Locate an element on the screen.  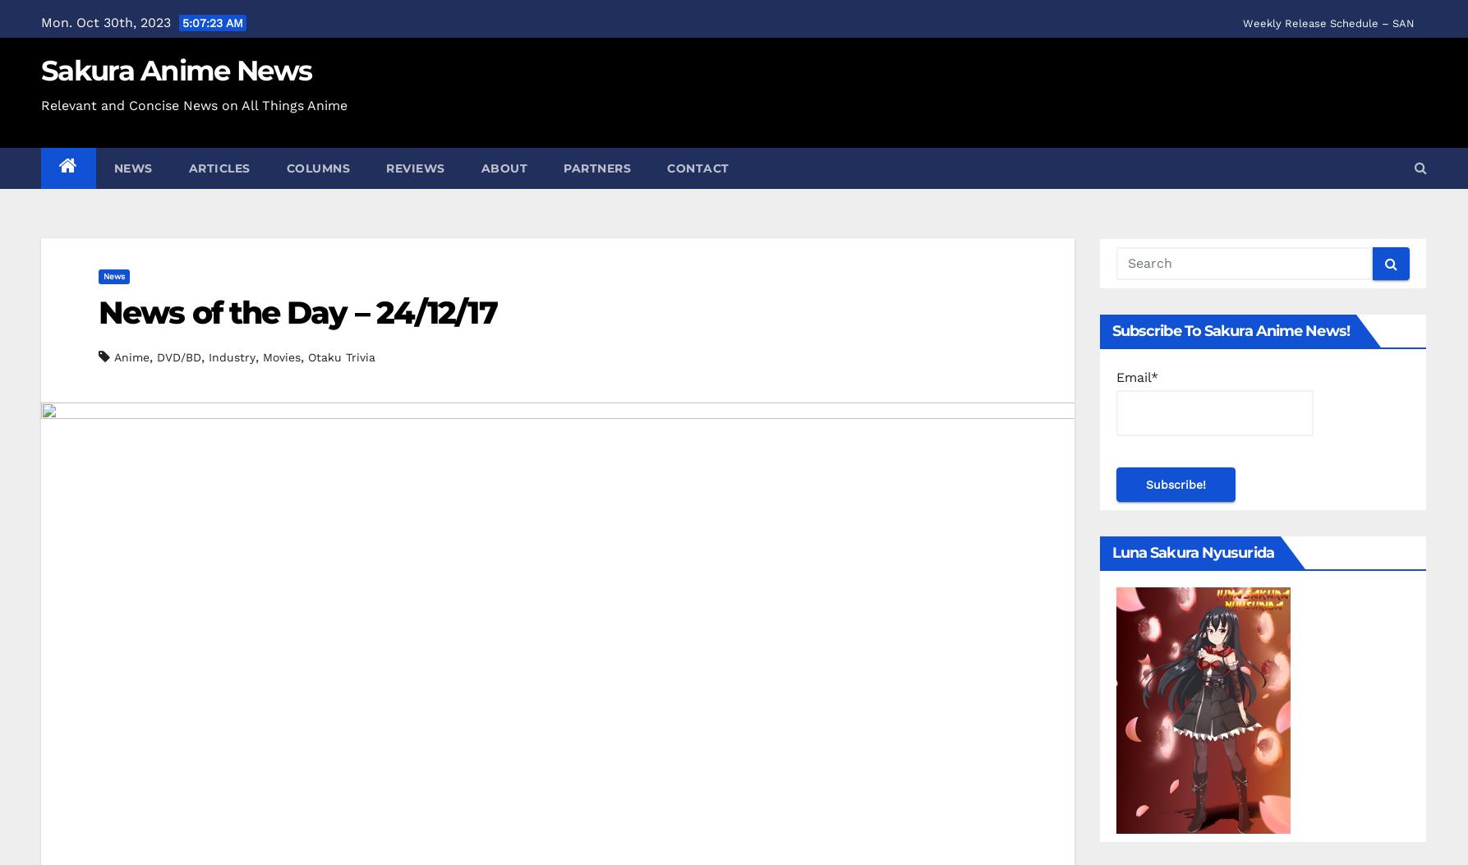
'DVD/BD' is located at coordinates (178, 356).